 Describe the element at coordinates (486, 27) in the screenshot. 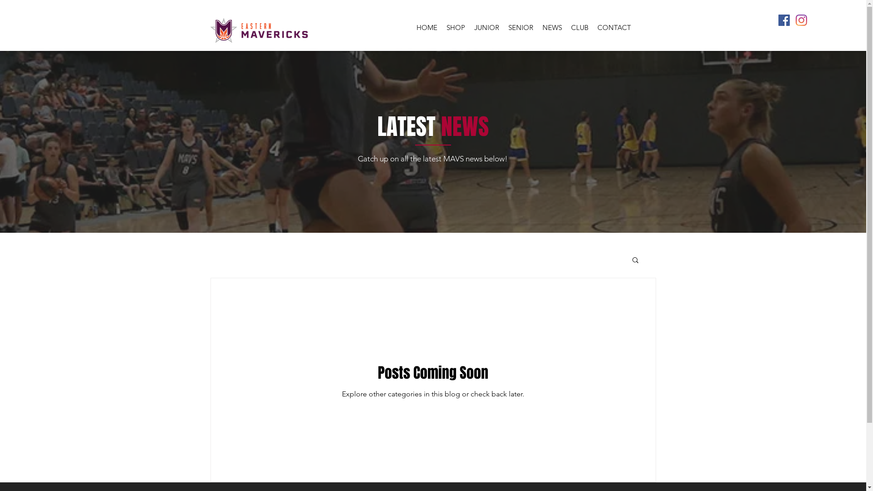

I see `'JUNIOR'` at that location.